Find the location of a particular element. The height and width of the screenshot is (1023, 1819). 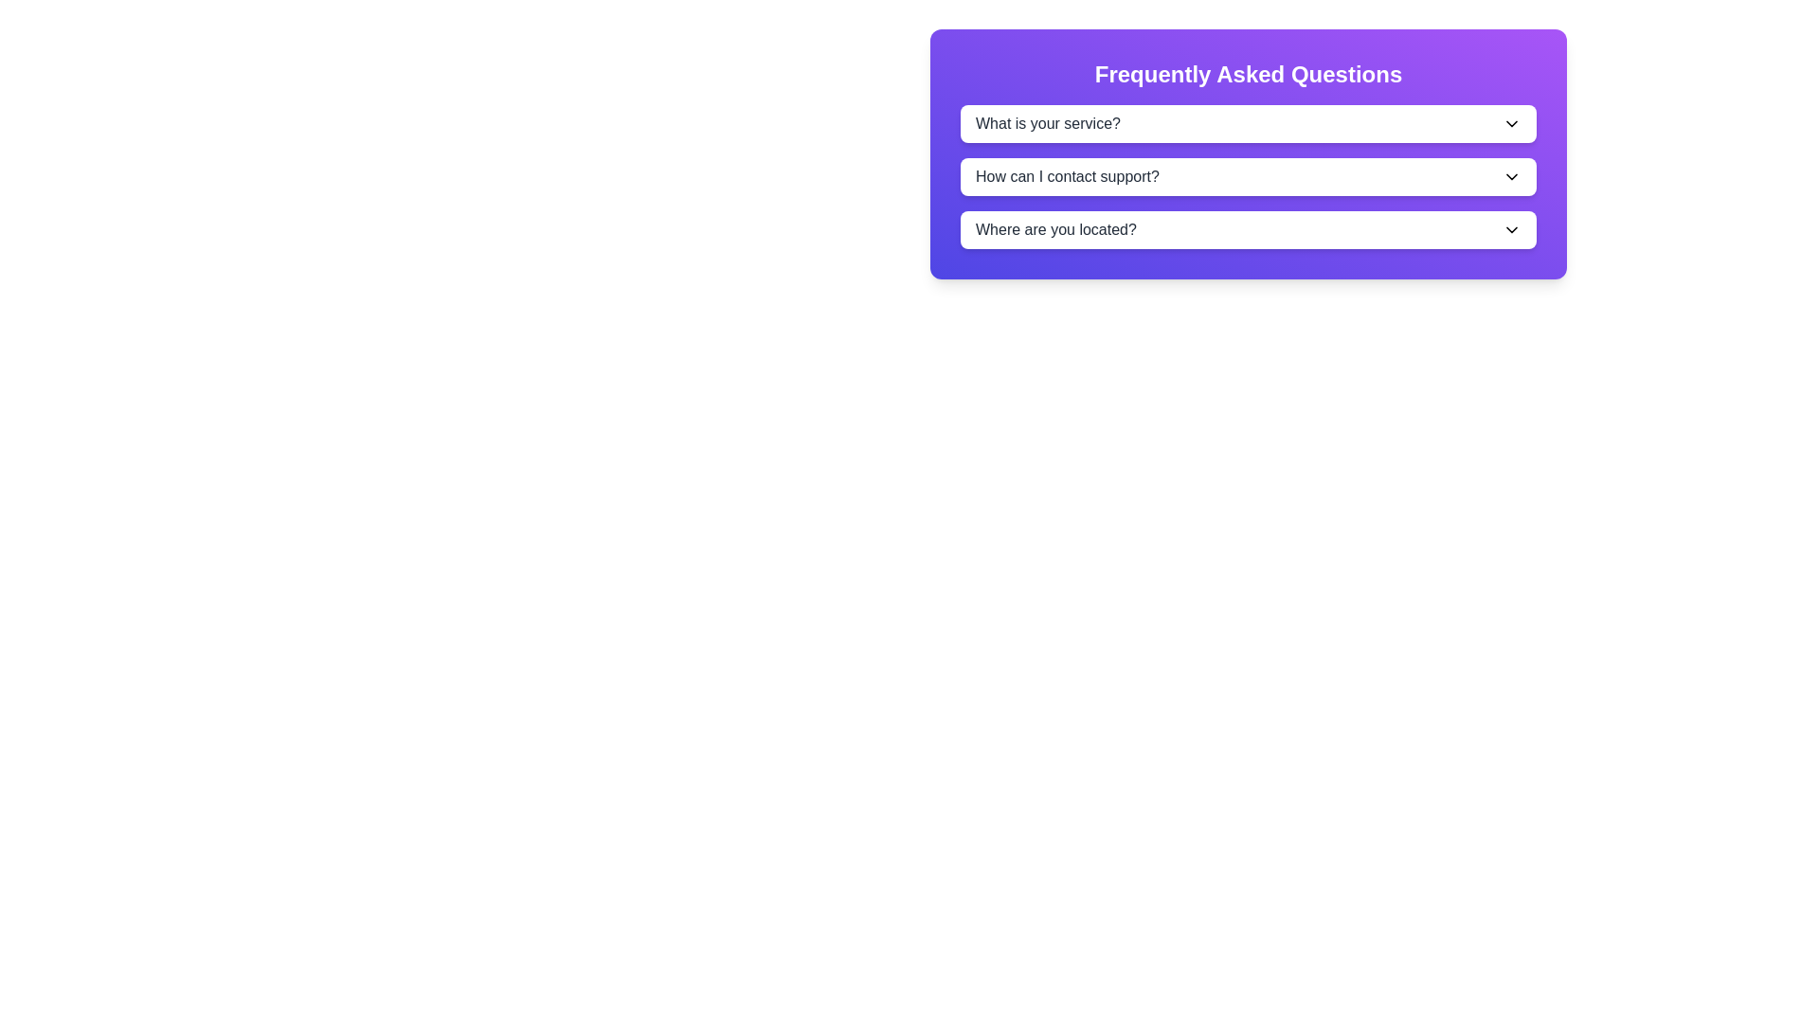

the large, bold-text heading that says 'Frequently Asked Questions', which is centered within a purple gradient background is located at coordinates (1249, 73).